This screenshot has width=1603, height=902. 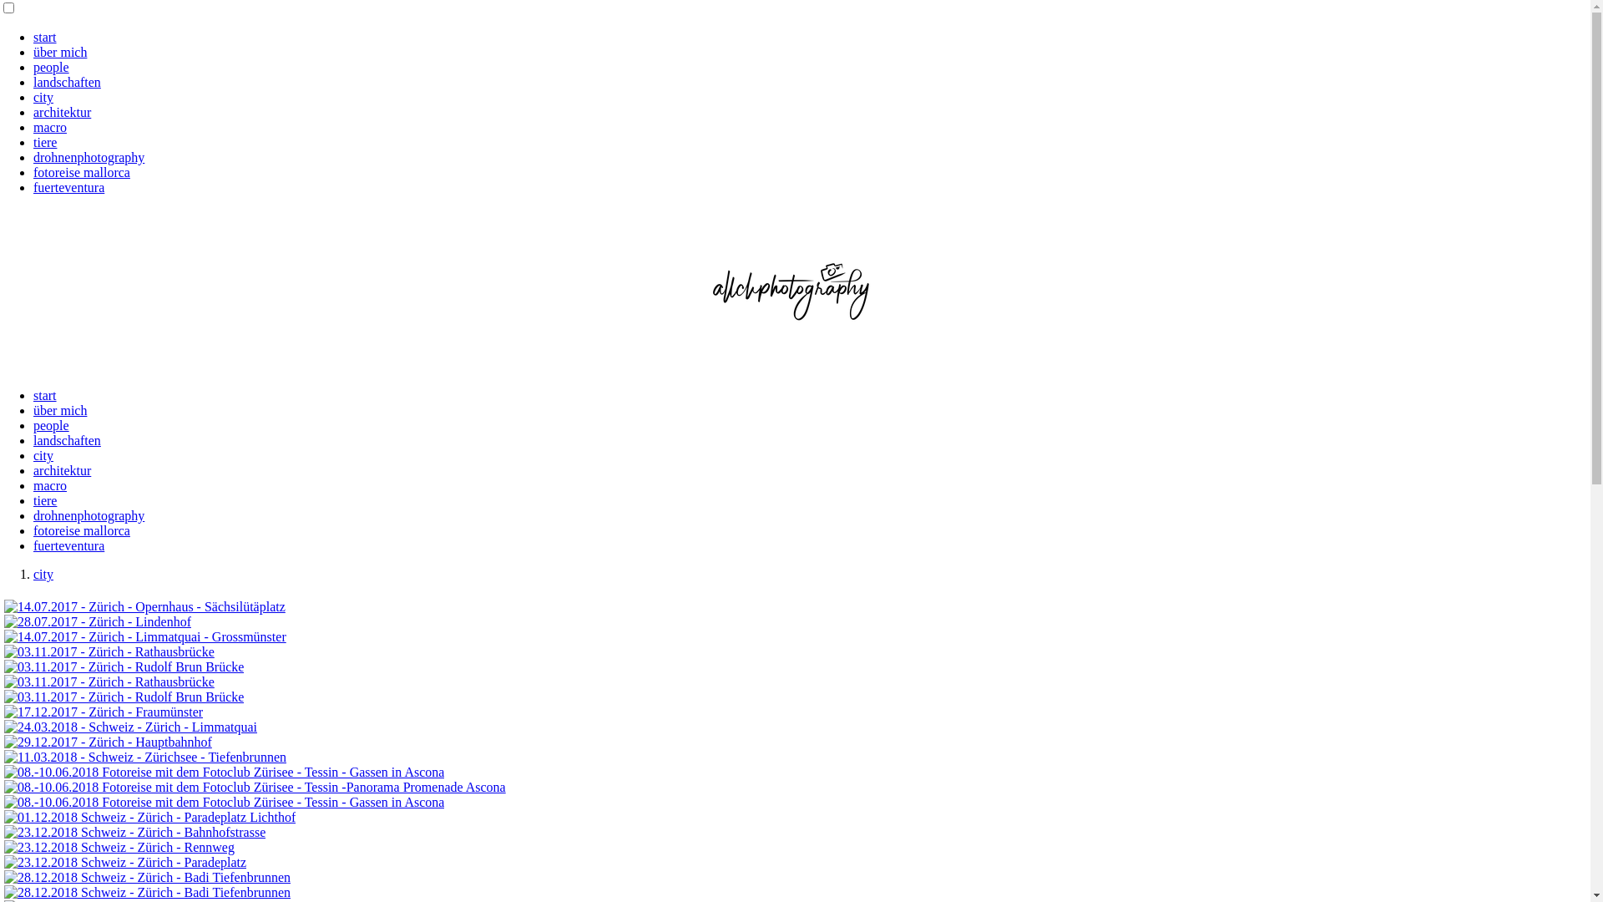 What do you see at coordinates (80, 172) in the screenshot?
I see `'fotoreise mallorca'` at bounding box center [80, 172].